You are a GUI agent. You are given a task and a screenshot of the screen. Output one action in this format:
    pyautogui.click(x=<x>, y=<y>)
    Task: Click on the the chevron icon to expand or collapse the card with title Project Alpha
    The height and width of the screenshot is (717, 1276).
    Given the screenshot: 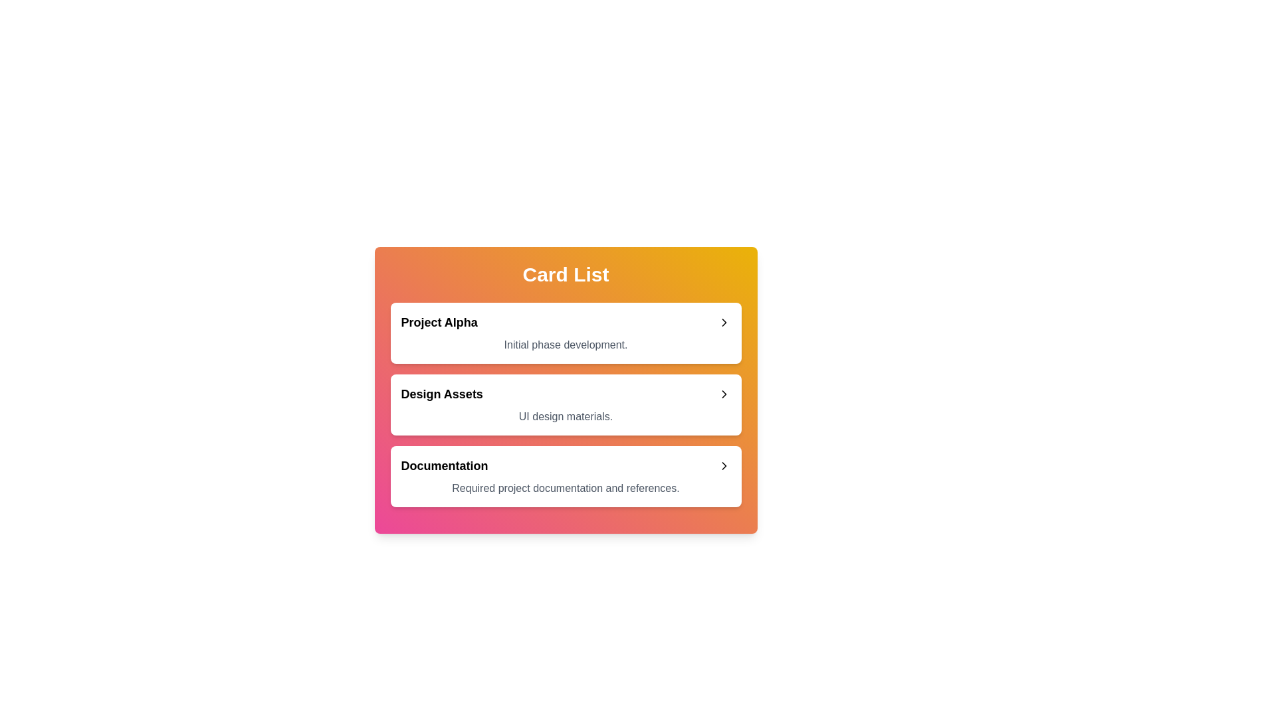 What is the action you would take?
    pyautogui.click(x=723, y=323)
    